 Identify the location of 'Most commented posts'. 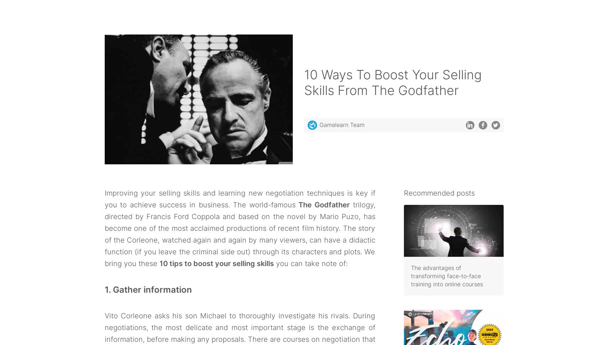
(443, 293).